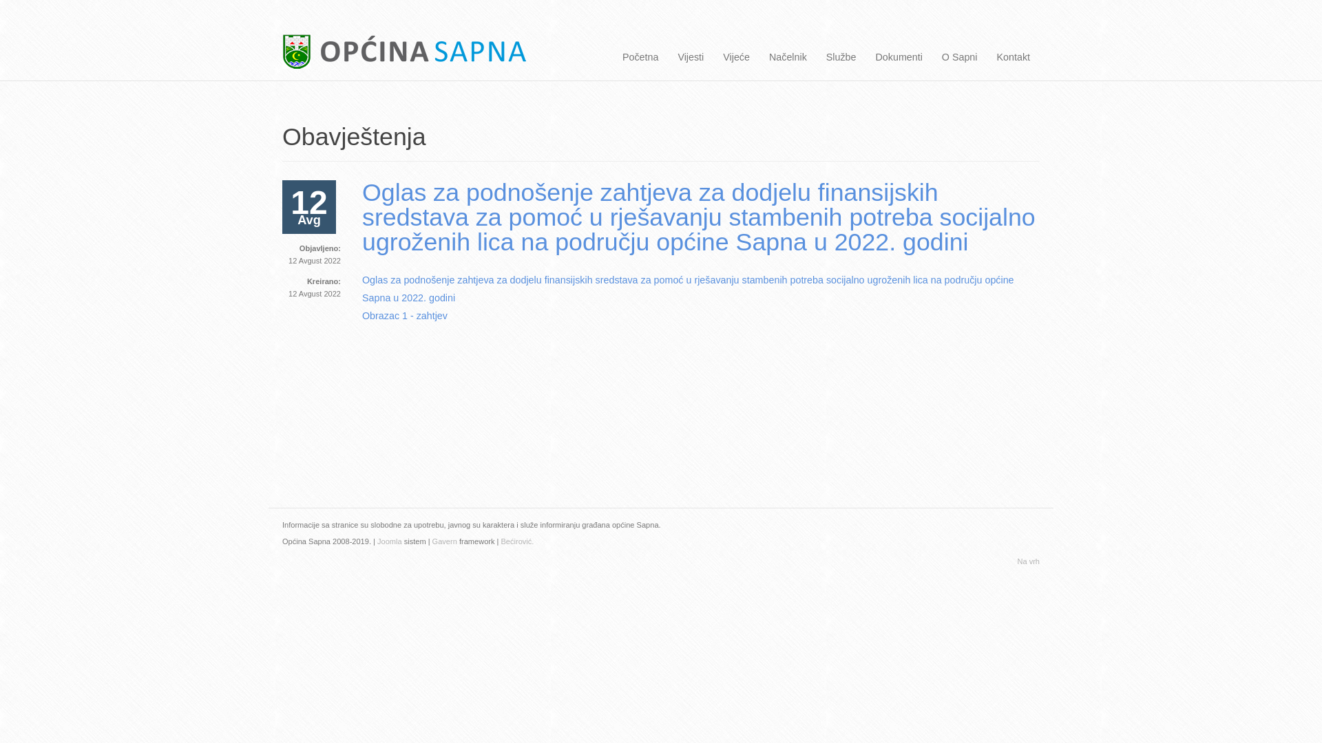 Image resolution: width=1322 pixels, height=743 pixels. Describe the element at coordinates (899, 56) in the screenshot. I see `'Dokumenti'` at that location.